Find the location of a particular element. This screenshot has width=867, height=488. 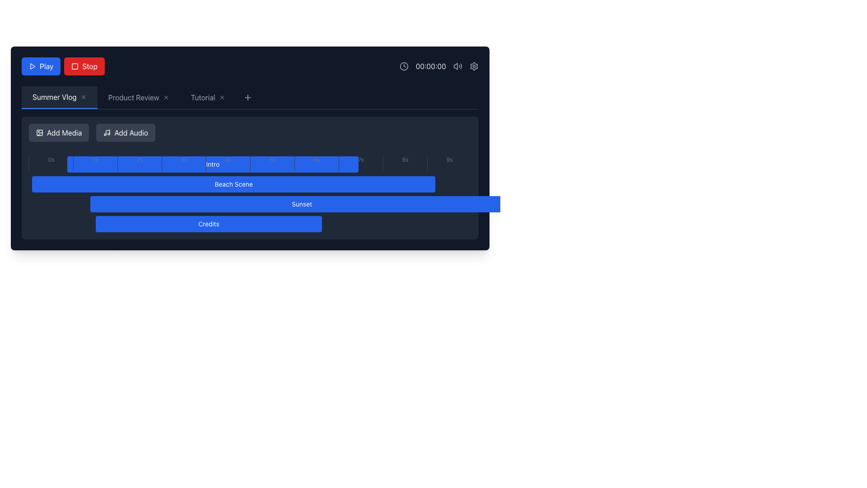

the 'Tutorial' Navigation Tab which is the third tab in the navigation bar, located between 'Product Review' and the '+' add new tab button is located at coordinates (207, 98).